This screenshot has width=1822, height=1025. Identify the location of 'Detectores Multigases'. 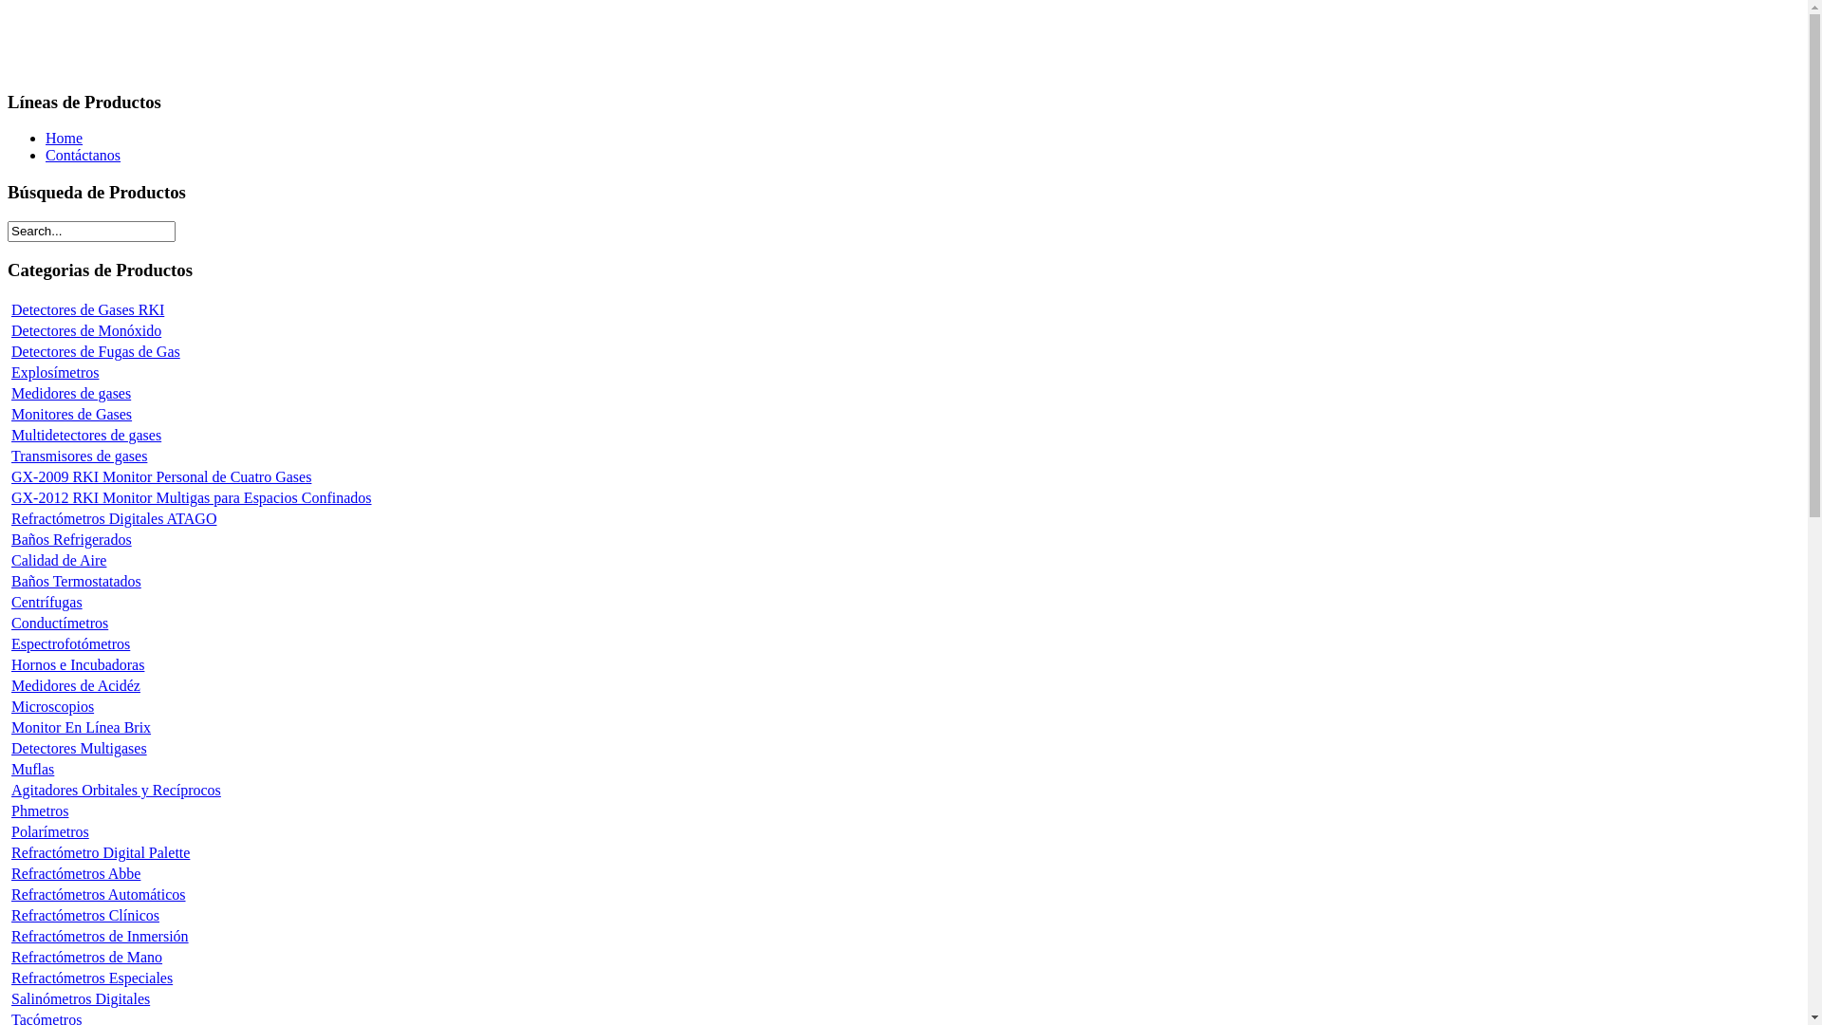
(78, 747).